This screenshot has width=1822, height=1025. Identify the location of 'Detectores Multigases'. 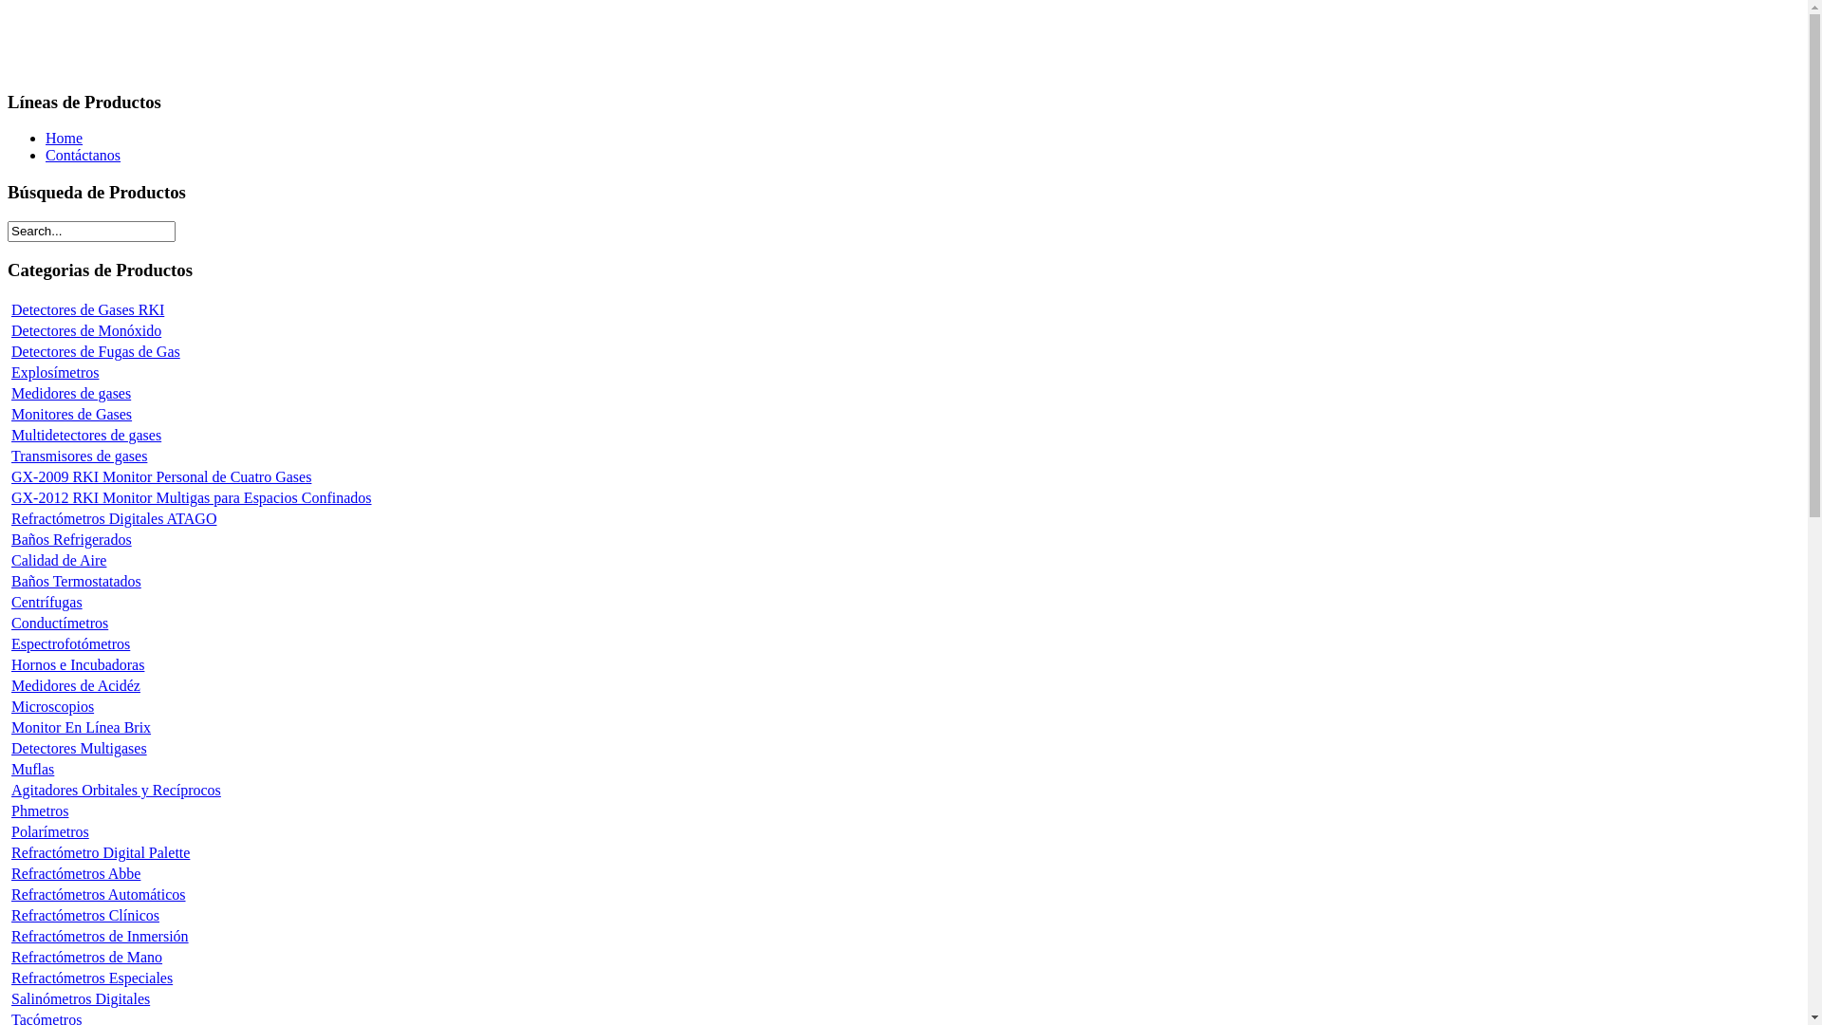
(78, 747).